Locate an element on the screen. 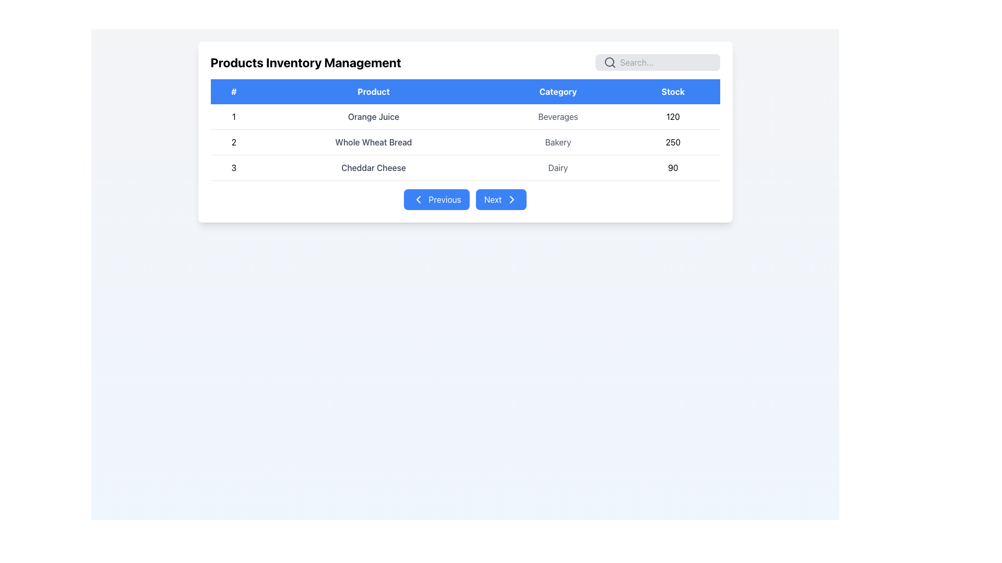 This screenshot has width=1002, height=563. the right-pointing chevron icon within the 'Next' button is located at coordinates (512, 199).